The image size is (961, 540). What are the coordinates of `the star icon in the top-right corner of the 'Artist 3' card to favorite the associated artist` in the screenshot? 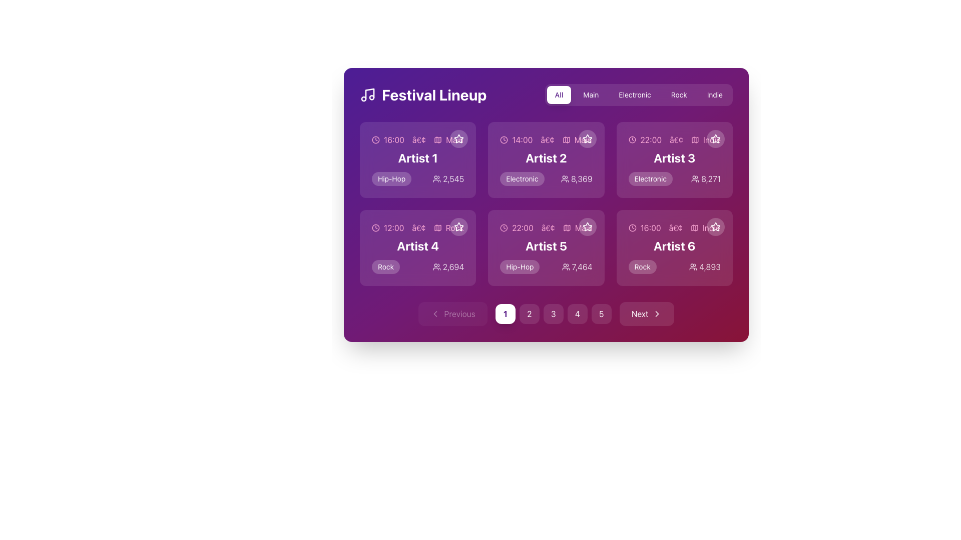 It's located at (715, 138).